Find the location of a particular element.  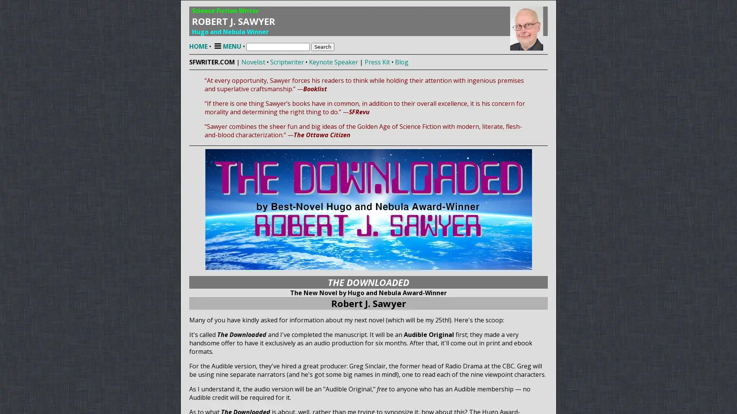

Search is located at coordinates (322, 47).